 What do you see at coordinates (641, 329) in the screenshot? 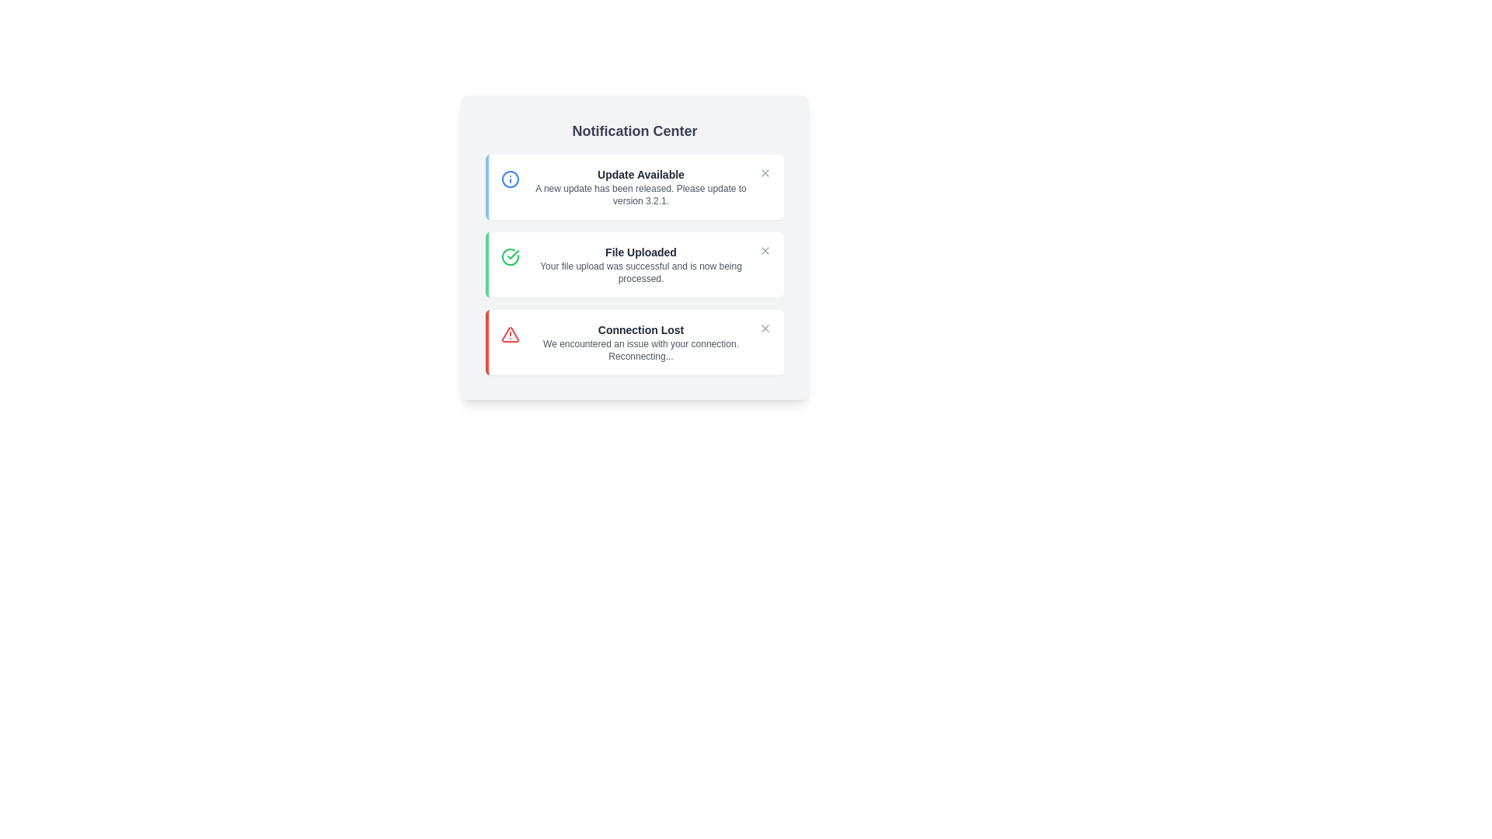
I see `the notification title indicating a lost connection in the Notification Center, specifically located in the third message box from the top` at bounding box center [641, 329].